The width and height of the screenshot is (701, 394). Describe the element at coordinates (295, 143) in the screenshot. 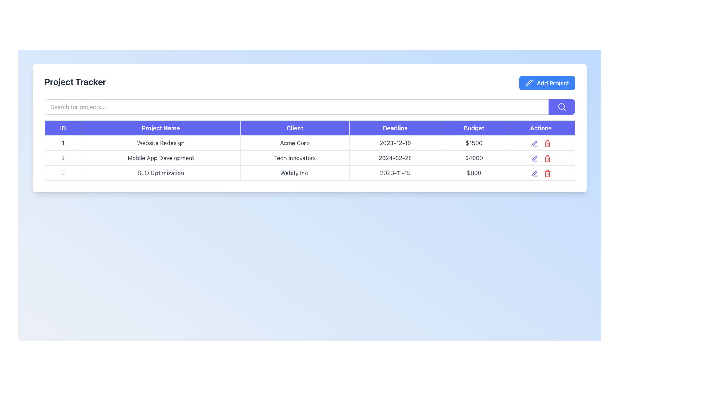

I see `the text label displaying the name of a client associated with a specific project in the 'Client' column of the table` at that location.